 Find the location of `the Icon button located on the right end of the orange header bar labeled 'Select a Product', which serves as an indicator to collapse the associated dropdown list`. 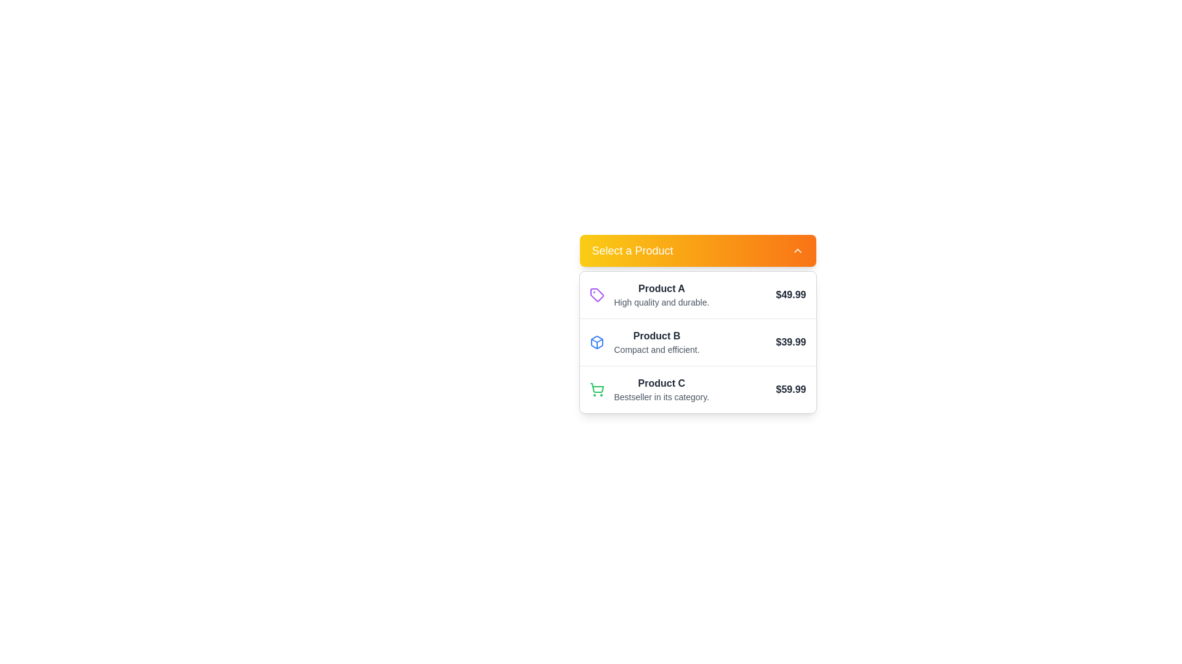

the Icon button located on the right end of the orange header bar labeled 'Select a Product', which serves as an indicator to collapse the associated dropdown list is located at coordinates (797, 250).